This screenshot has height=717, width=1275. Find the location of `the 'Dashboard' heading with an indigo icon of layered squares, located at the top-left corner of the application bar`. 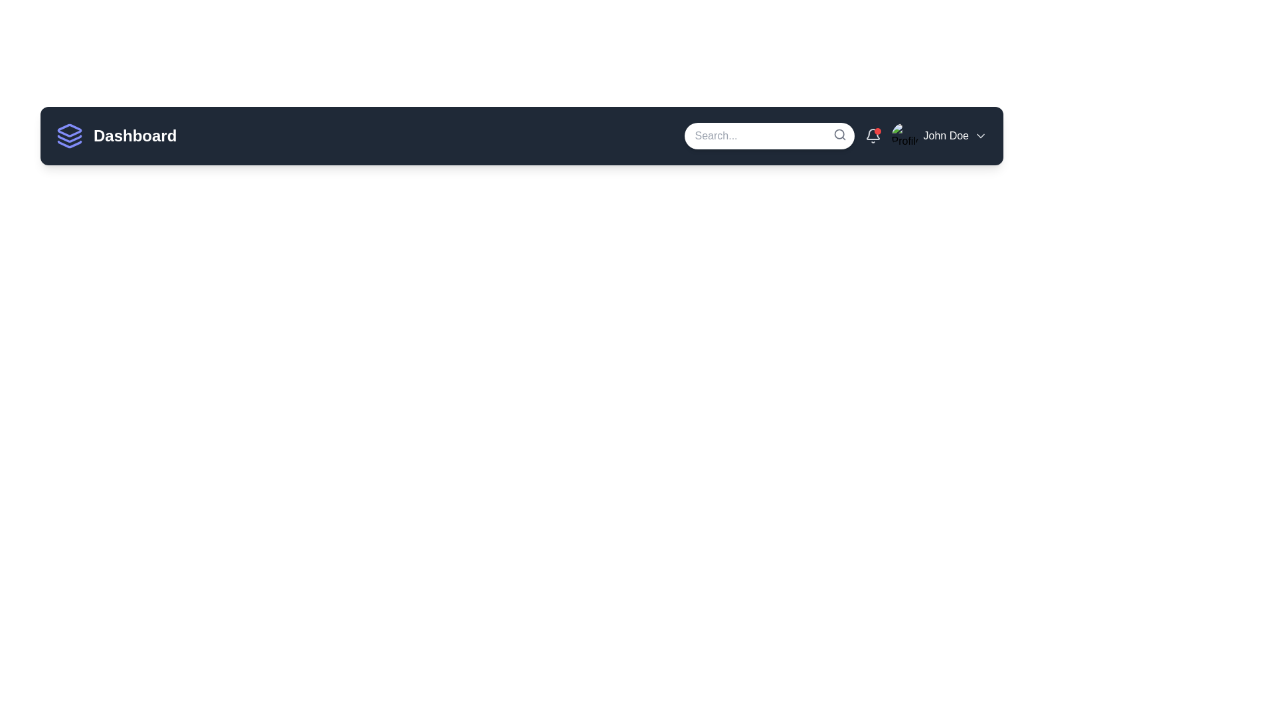

the 'Dashboard' heading with an indigo icon of layered squares, located at the top-left corner of the application bar is located at coordinates (116, 135).